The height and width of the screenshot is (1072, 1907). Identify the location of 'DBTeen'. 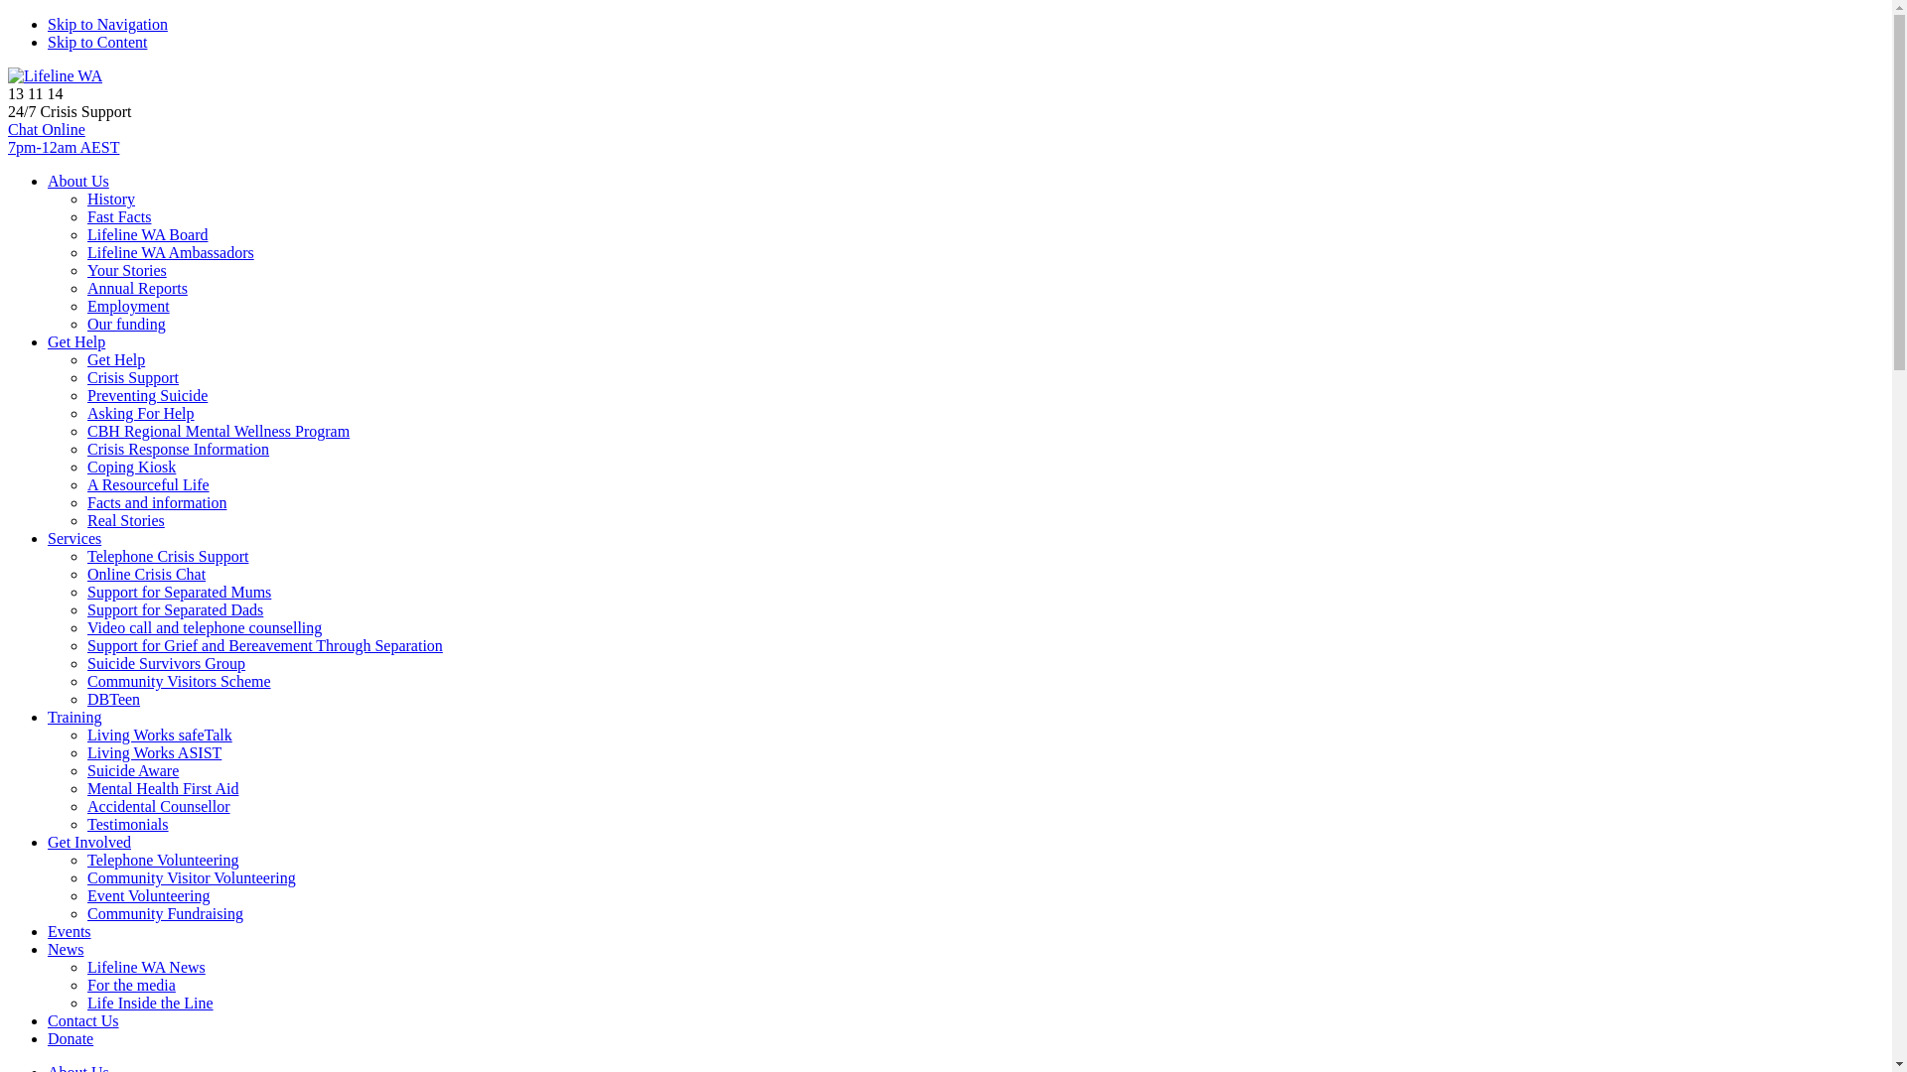
(85, 698).